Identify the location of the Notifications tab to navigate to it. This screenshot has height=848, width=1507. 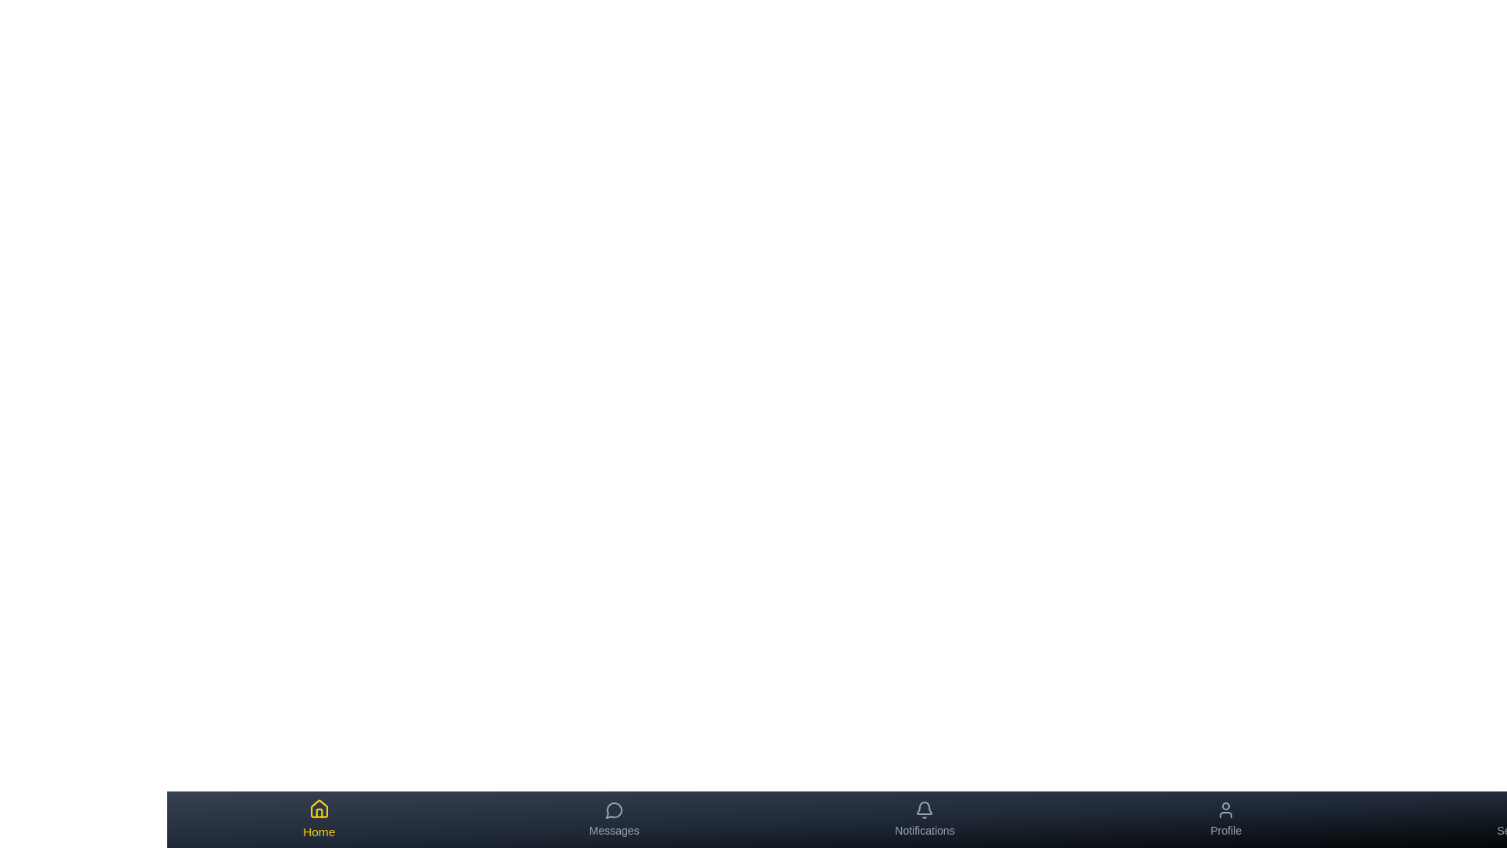
(925, 819).